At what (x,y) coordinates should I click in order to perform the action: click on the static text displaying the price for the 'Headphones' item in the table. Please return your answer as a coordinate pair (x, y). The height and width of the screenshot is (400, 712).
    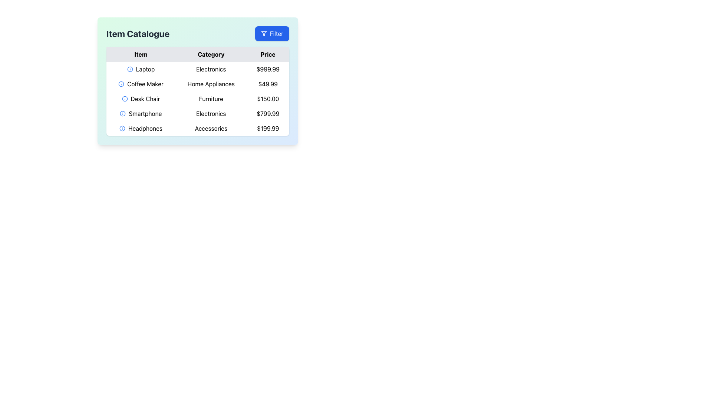
    Looking at the image, I should click on (267, 128).